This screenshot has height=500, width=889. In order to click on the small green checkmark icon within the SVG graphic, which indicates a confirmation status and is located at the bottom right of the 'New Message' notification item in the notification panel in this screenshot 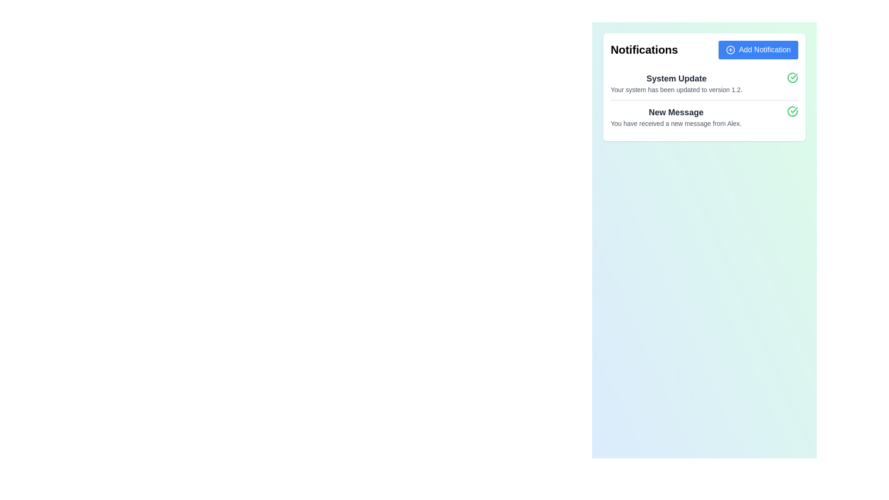, I will do `click(794, 76)`.